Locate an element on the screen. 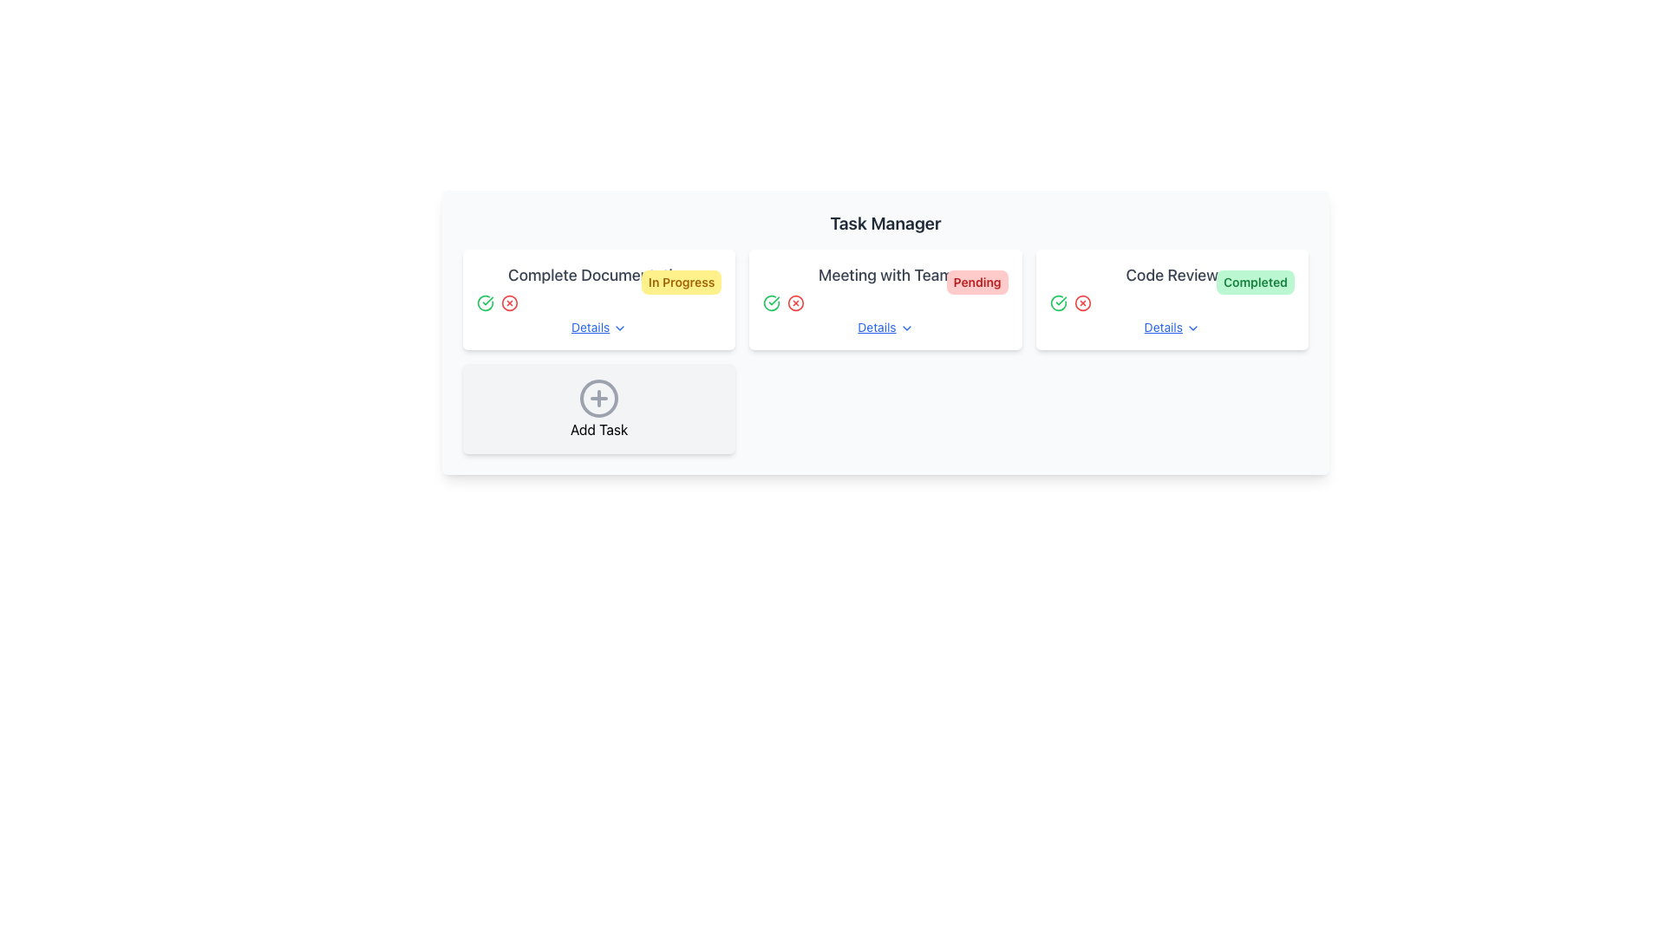 The width and height of the screenshot is (1665, 936). the hyperlink with an accompanying icon located at the center-bottom of the 'Complete Documentation' task card is located at coordinates (599, 328).